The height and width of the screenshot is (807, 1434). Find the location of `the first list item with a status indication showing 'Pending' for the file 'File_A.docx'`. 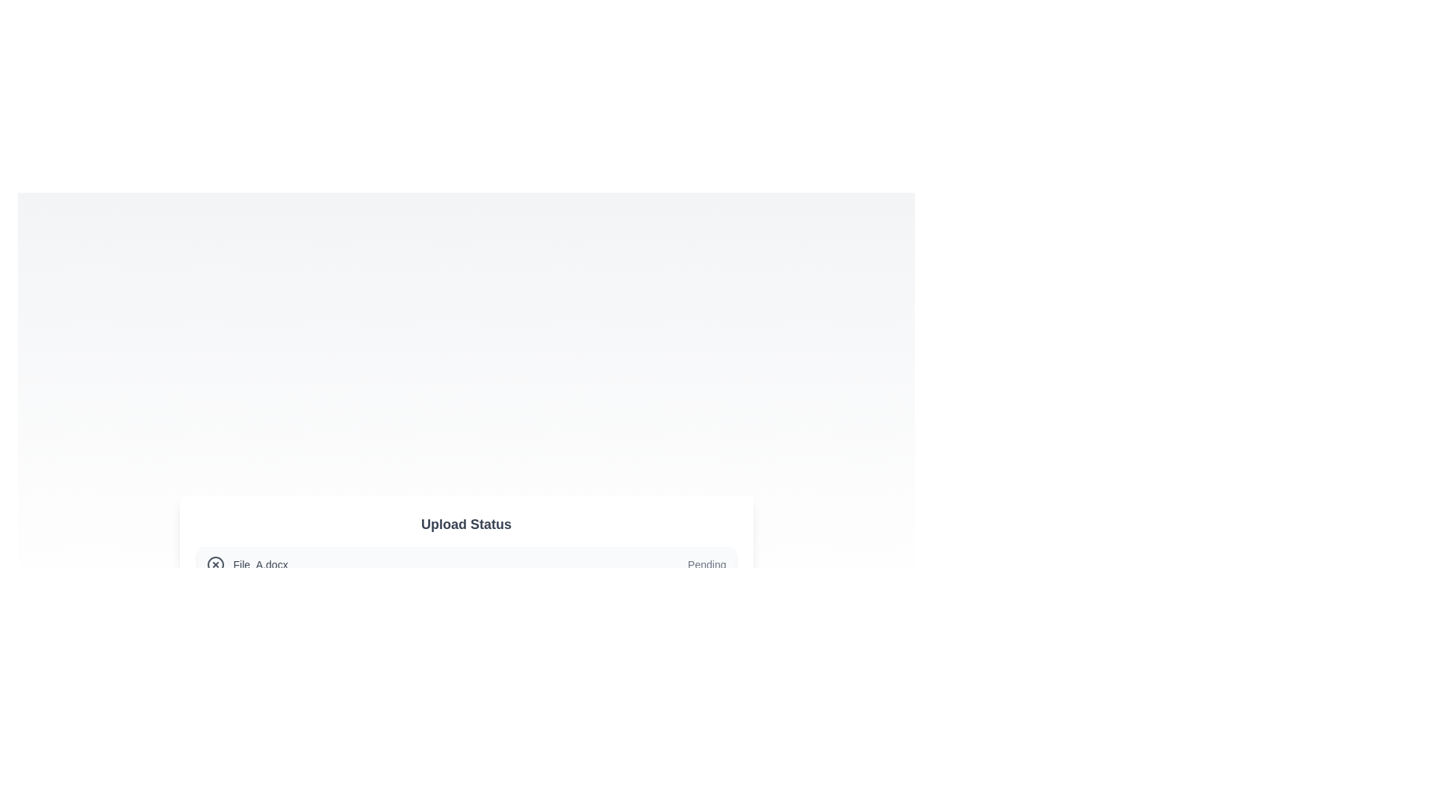

the first list item with a status indication showing 'Pending' for the file 'File_A.docx' is located at coordinates (465, 565).